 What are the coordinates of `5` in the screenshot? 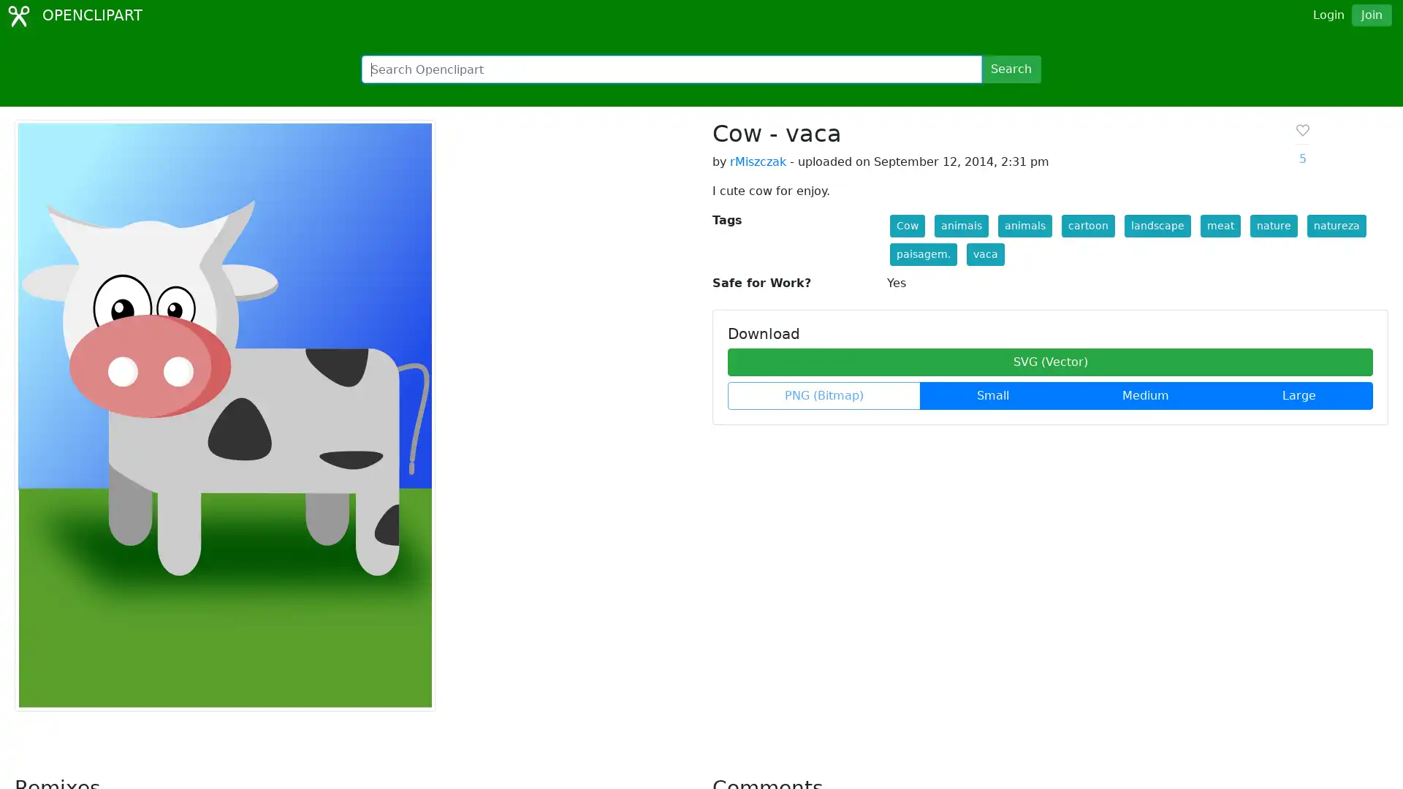 It's located at (1301, 144).